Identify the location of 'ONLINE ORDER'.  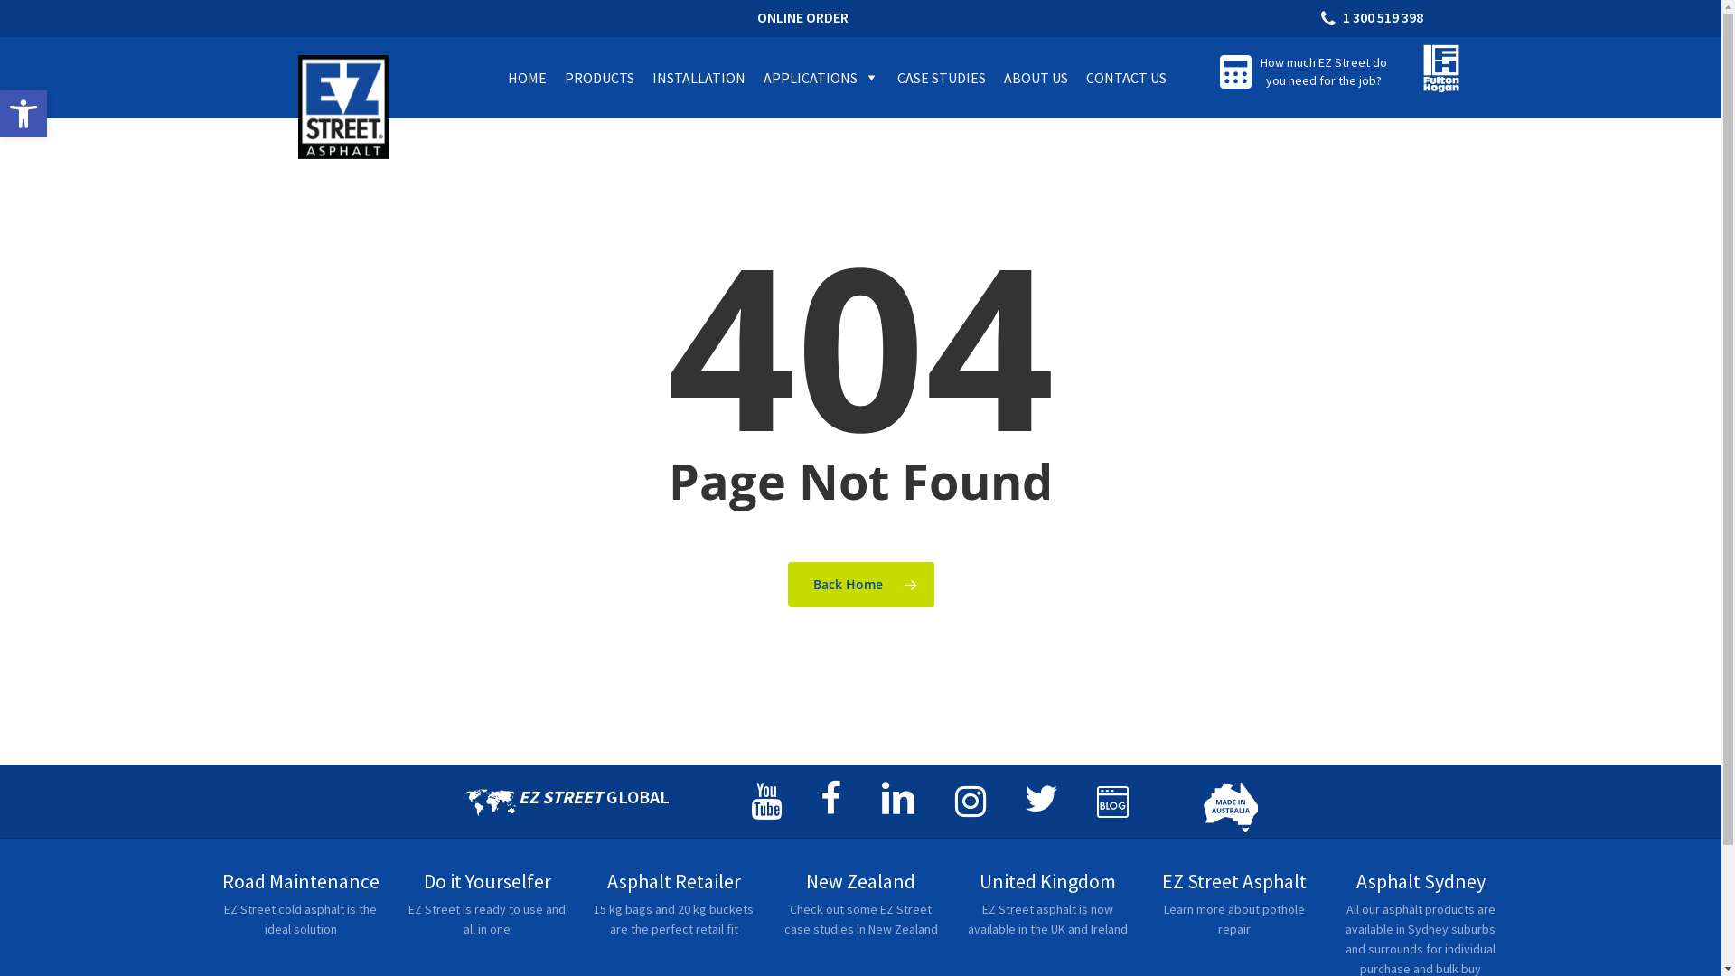
(802, 17).